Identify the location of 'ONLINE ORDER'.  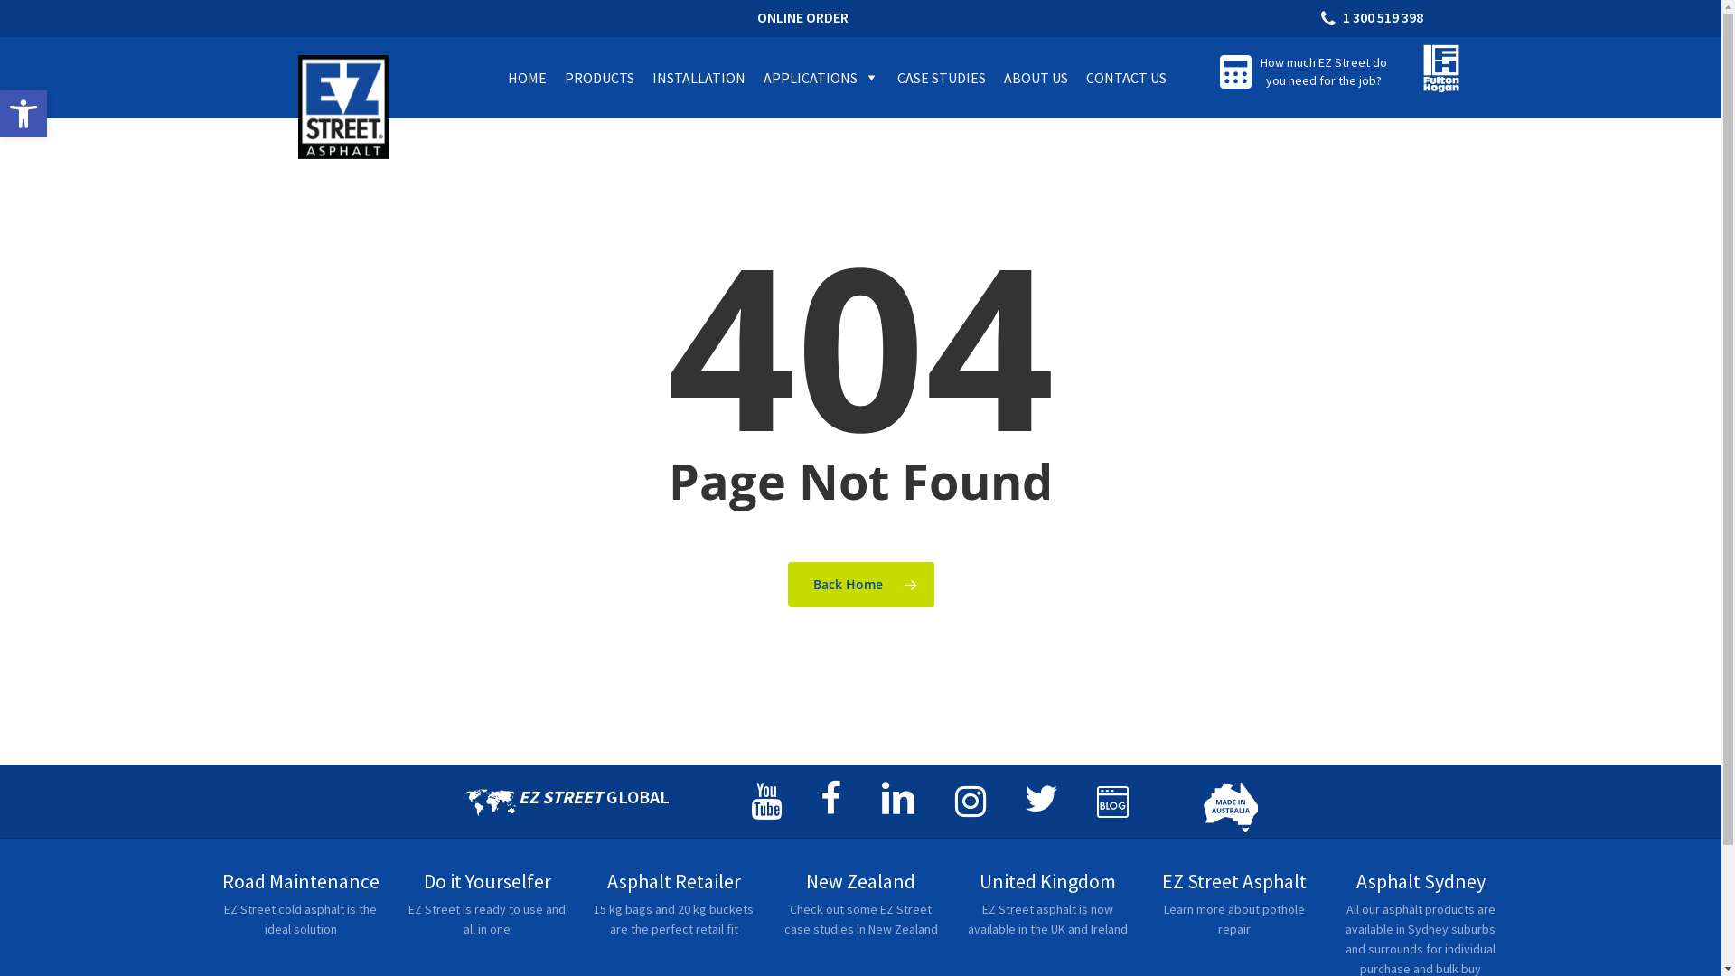
(802, 17).